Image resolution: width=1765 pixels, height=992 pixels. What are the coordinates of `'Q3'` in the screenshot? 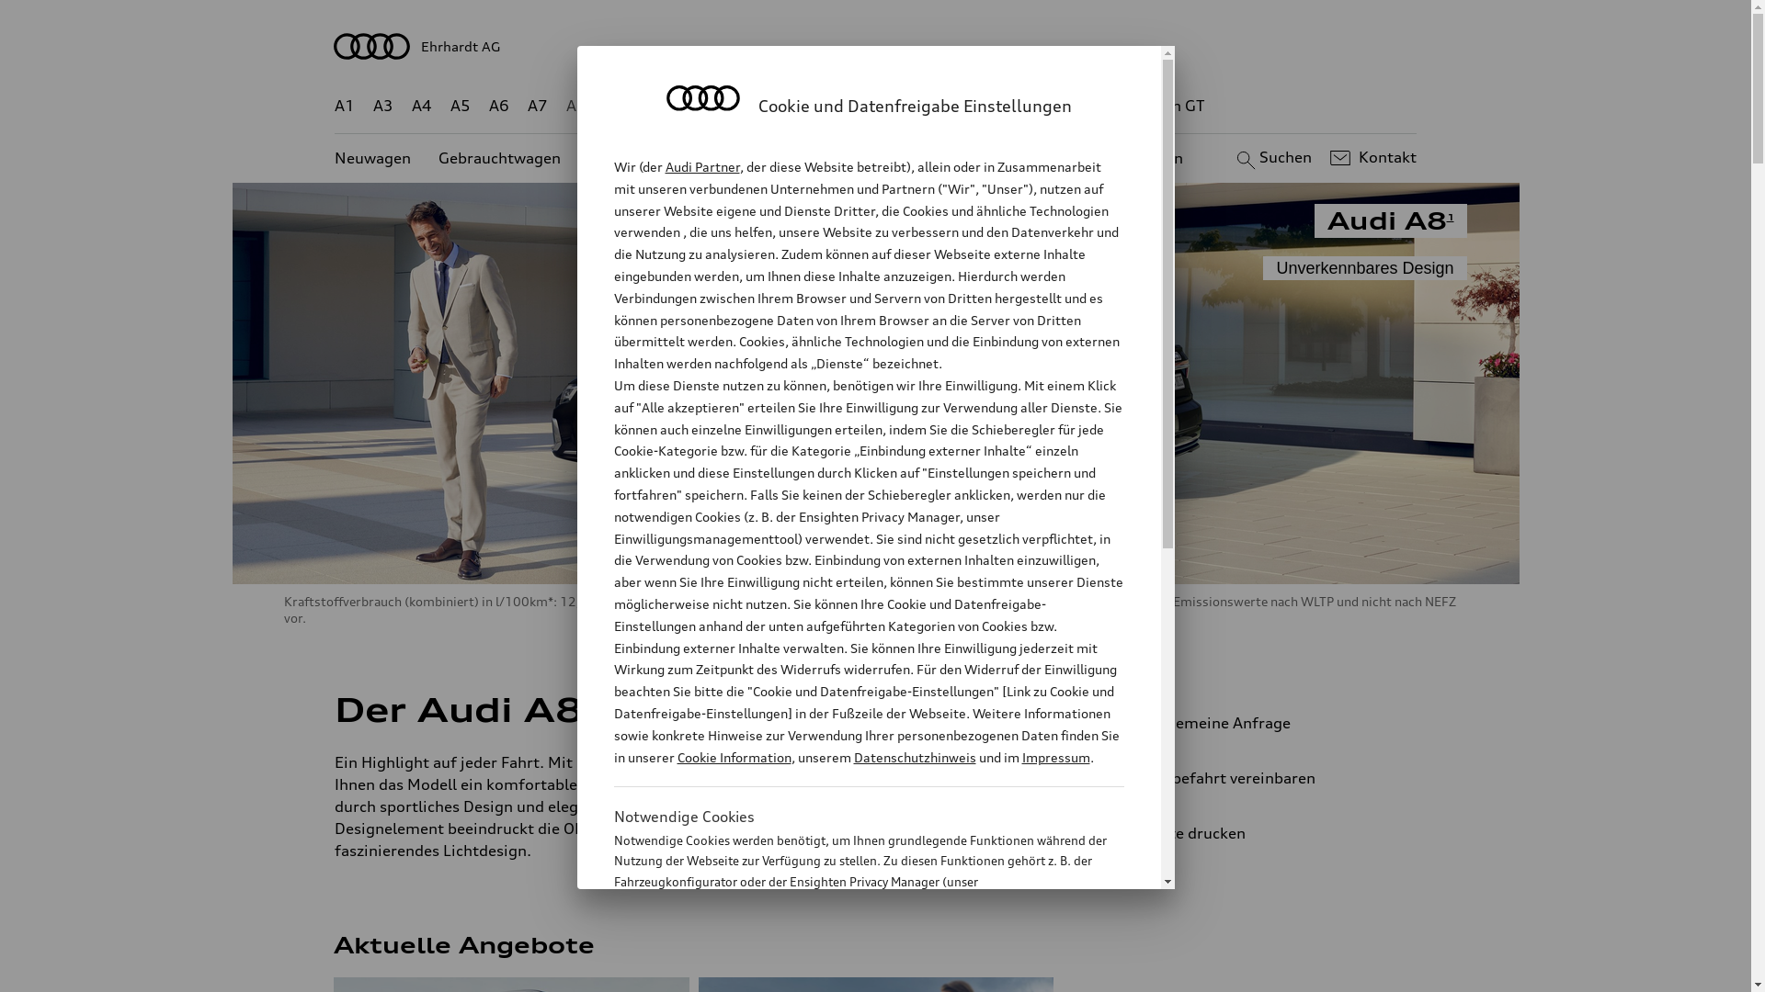 It's located at (655, 106).